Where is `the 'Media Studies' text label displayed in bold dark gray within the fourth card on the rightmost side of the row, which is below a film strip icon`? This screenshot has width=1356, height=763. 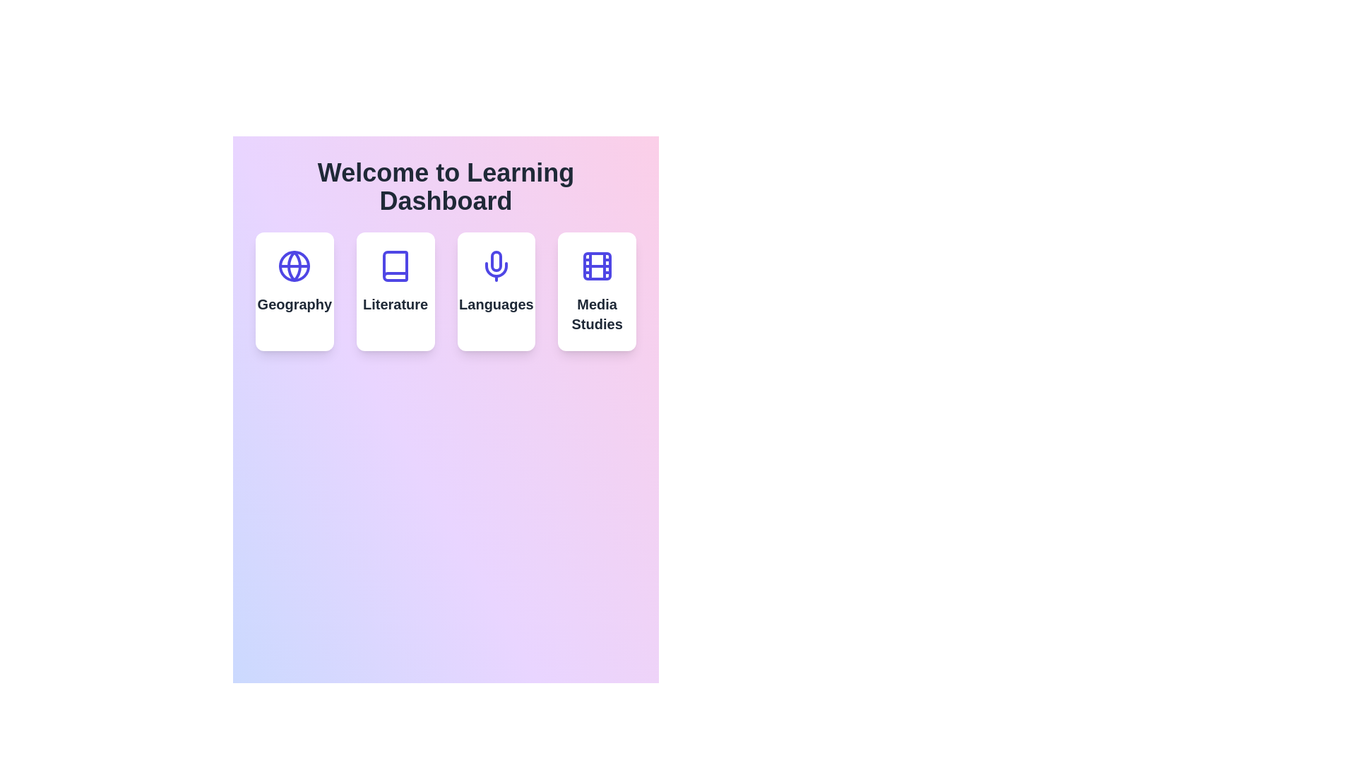
the 'Media Studies' text label displayed in bold dark gray within the fourth card on the rightmost side of the row, which is below a film strip icon is located at coordinates (597, 313).